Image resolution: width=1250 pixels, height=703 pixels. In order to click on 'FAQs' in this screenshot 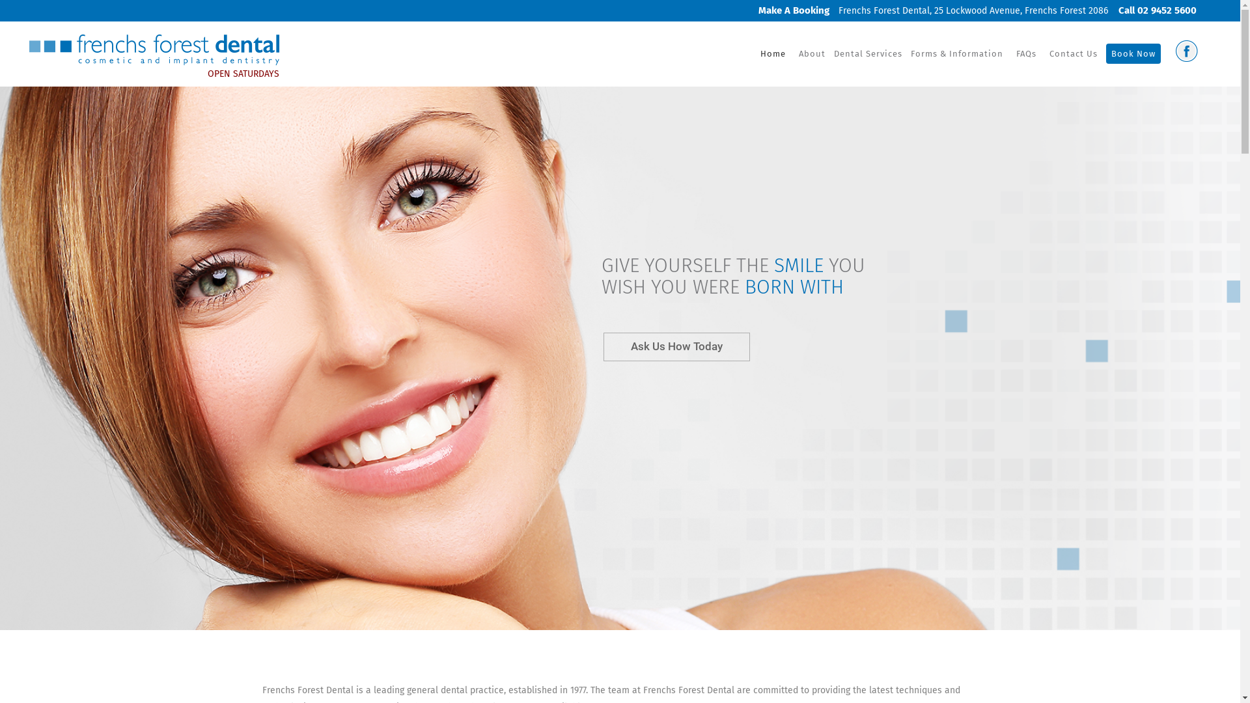, I will do `click(1025, 53)`.